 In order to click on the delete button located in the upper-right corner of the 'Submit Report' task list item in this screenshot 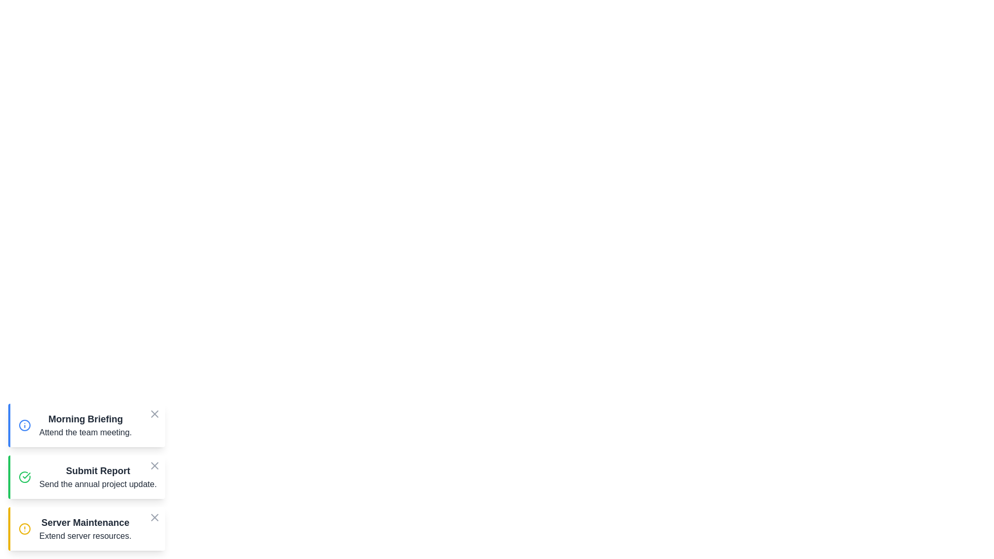, I will do `click(154, 465)`.